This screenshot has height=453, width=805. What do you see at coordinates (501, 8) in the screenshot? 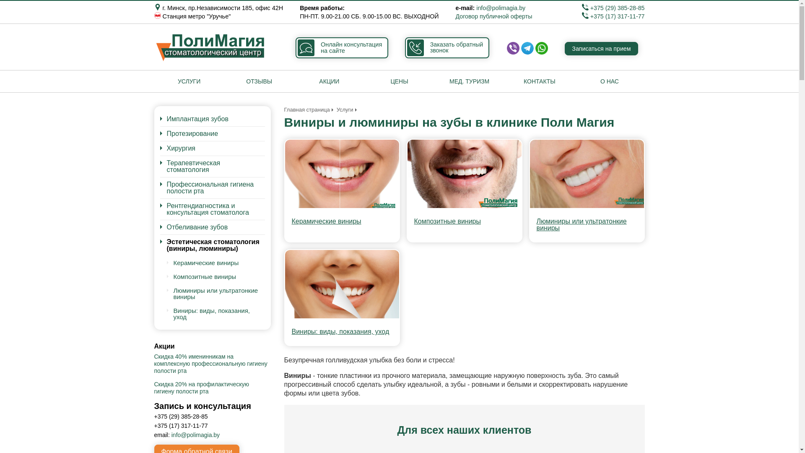
I see `'info@polimagia.by'` at bounding box center [501, 8].